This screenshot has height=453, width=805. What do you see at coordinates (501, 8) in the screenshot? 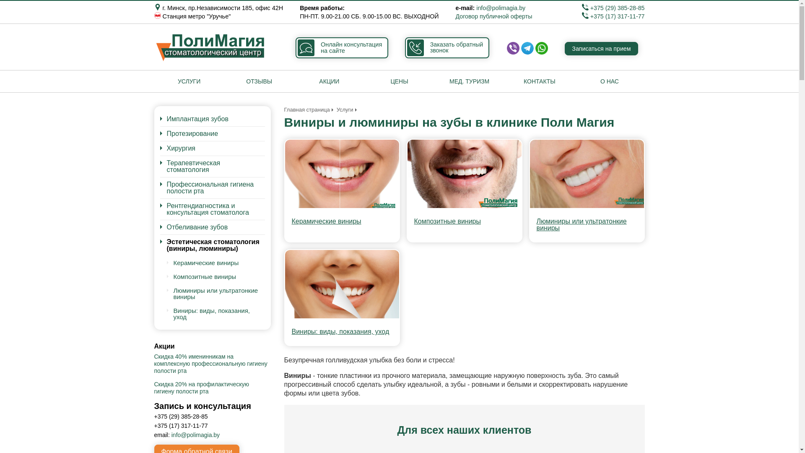
I see `'info@polimagia.by'` at bounding box center [501, 8].